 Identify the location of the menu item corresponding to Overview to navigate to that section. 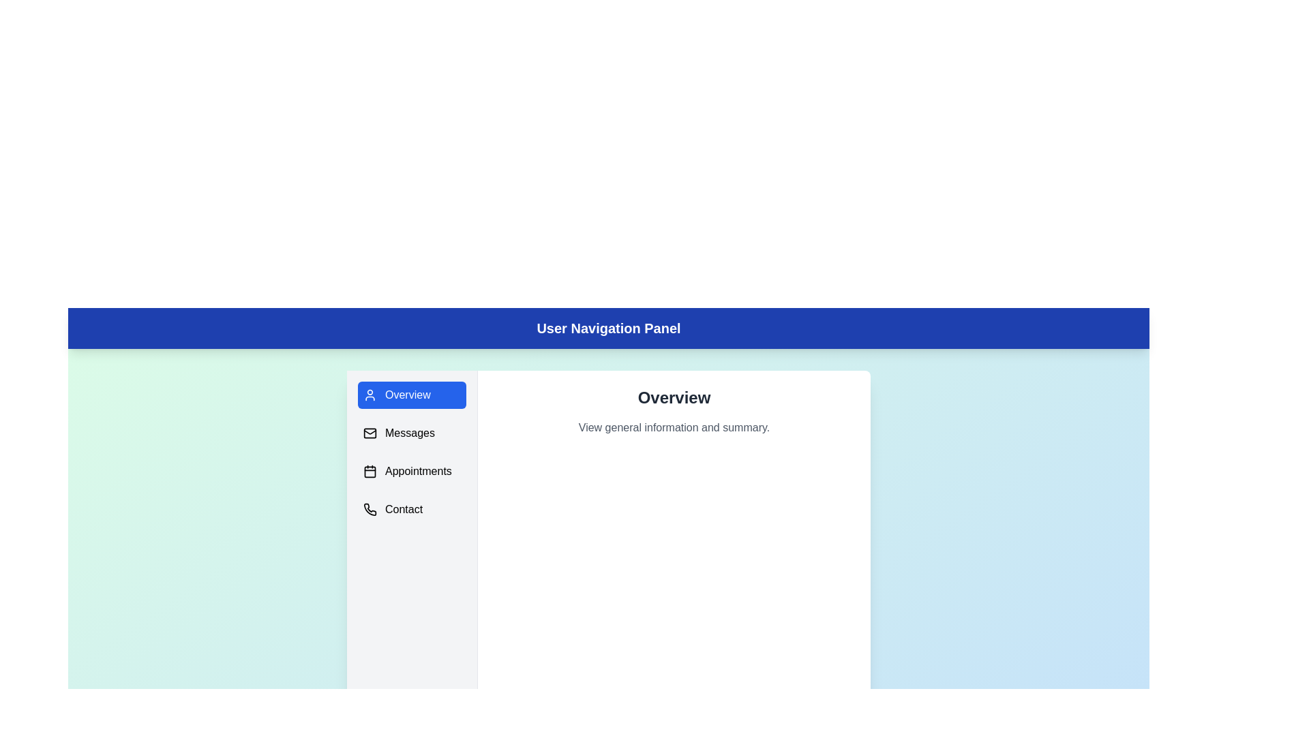
(411, 395).